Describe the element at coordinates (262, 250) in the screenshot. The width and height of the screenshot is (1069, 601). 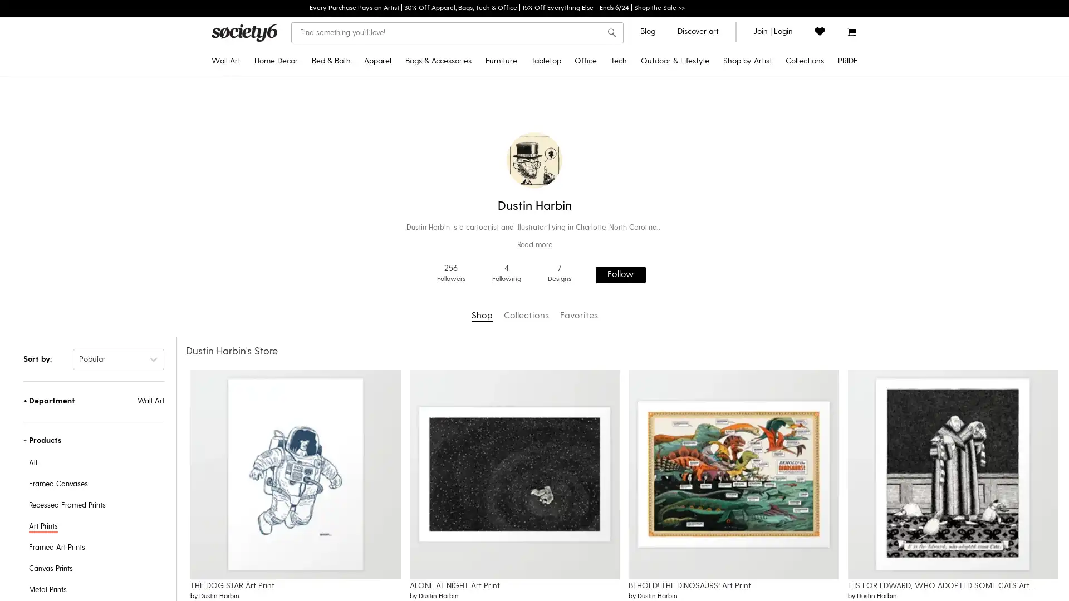
I see `Wall Hangings` at that location.